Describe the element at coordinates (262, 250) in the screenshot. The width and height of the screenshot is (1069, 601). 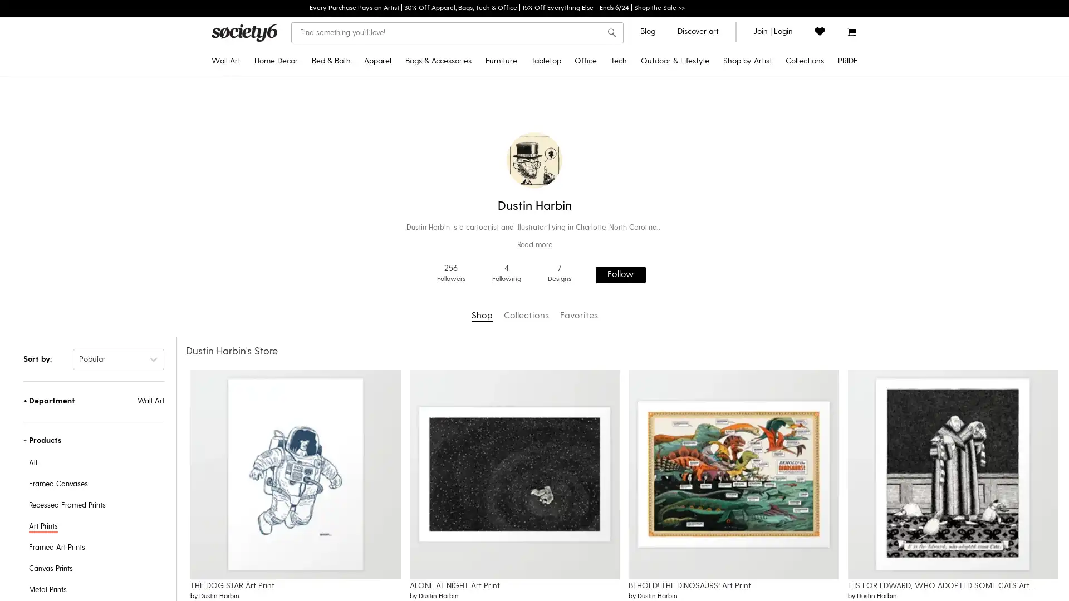
I see `Wall Hangings` at that location.